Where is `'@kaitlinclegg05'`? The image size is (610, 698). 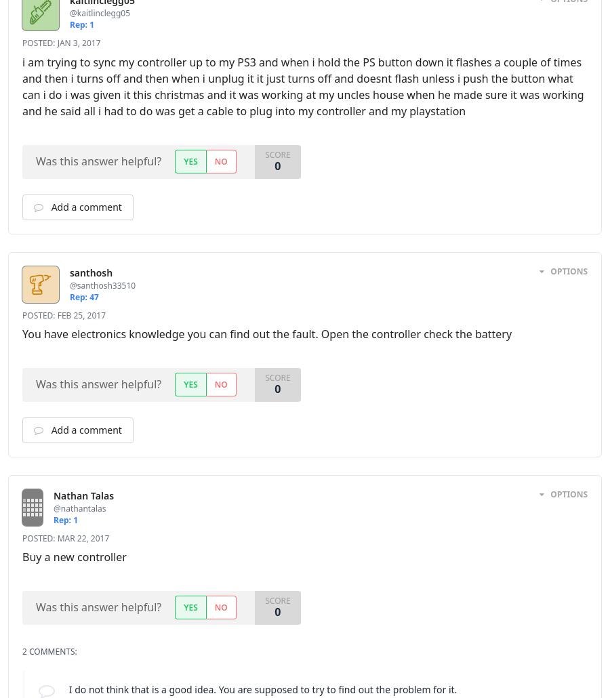 '@kaitlinclegg05' is located at coordinates (100, 13).